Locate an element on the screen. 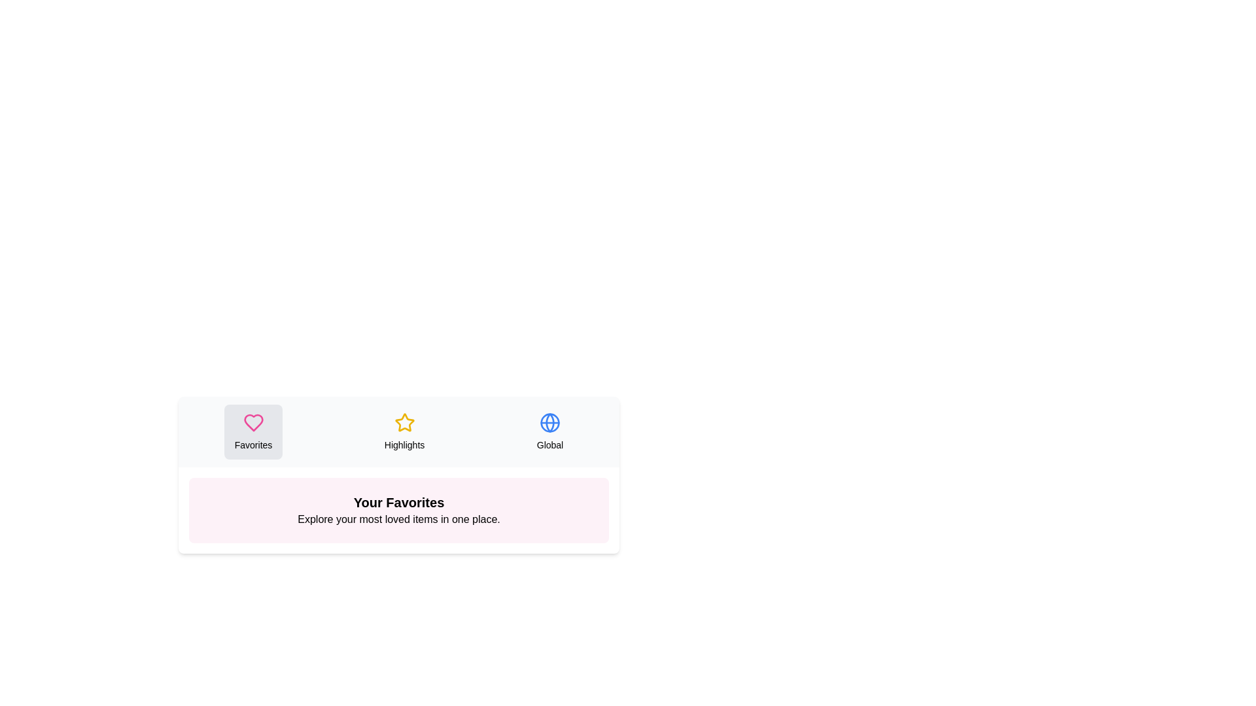 The image size is (1256, 706). the Favorites tab to see its hover effect is located at coordinates (253, 431).